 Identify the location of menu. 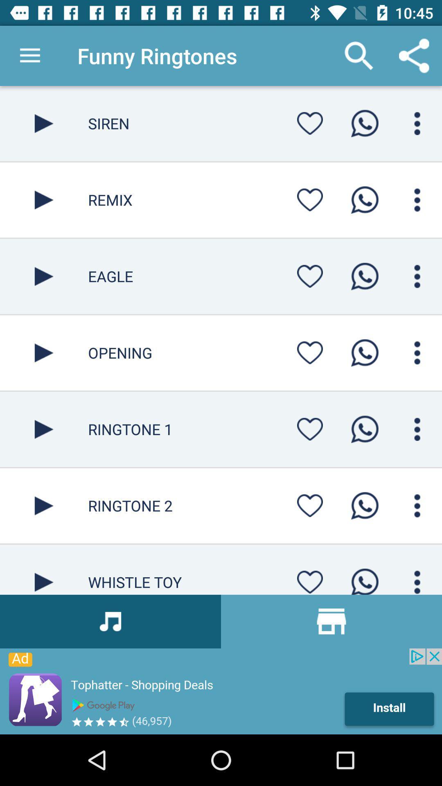
(310, 123).